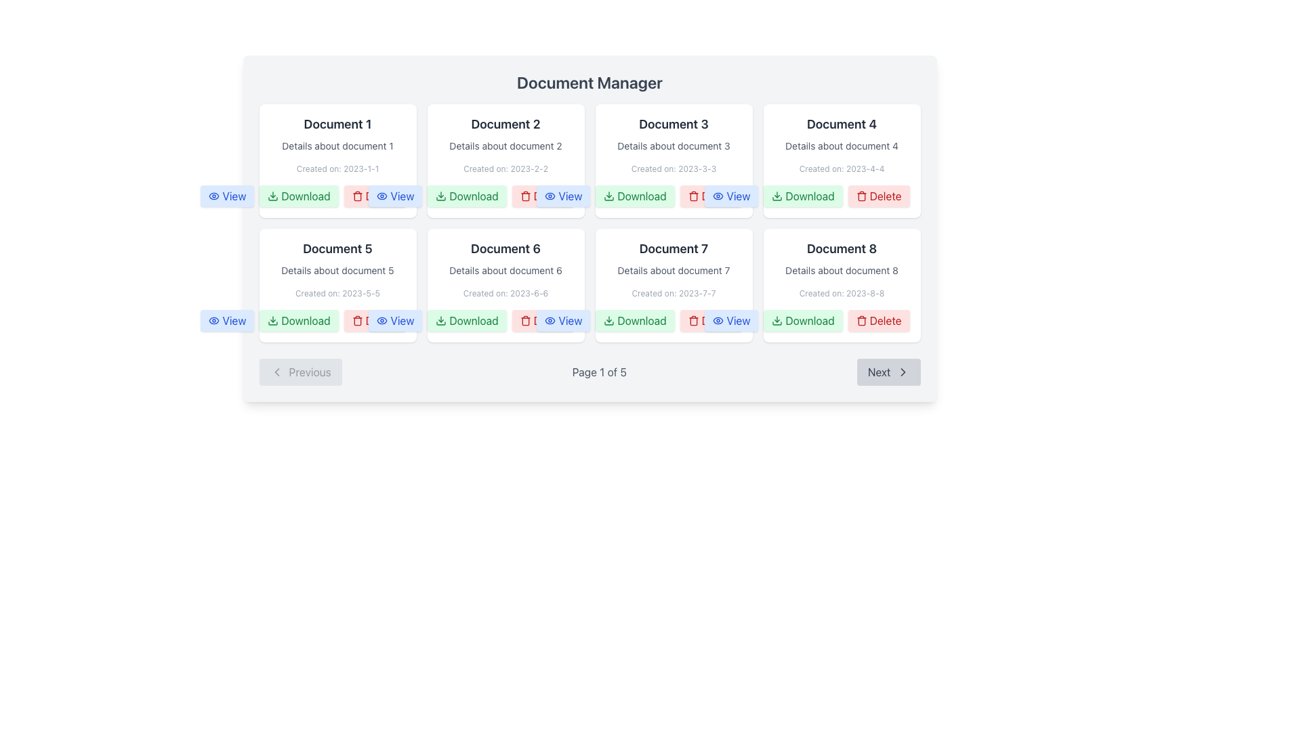  I want to click on the 'View' icon associated with 'Document 2' located in the first row, second column of the grid layout, so click(550, 196).